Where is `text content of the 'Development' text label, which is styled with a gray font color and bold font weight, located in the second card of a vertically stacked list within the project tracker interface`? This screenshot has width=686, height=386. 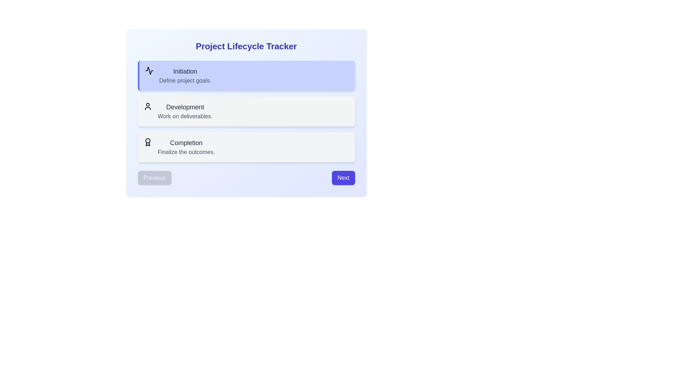
text content of the 'Development' text label, which is styled with a gray font color and bold font weight, located in the second card of a vertically stacked list within the project tracker interface is located at coordinates (185, 107).